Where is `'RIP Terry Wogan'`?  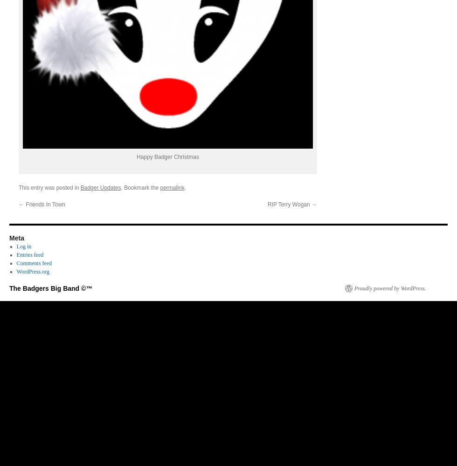
'RIP Terry Wogan' is located at coordinates (289, 204).